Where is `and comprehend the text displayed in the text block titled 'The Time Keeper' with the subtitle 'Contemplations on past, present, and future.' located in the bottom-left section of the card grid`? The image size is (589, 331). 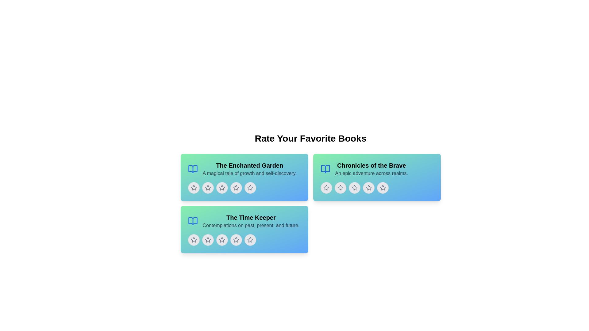 and comprehend the text displayed in the text block titled 'The Time Keeper' with the subtitle 'Contemplations on past, present, and future.' located in the bottom-left section of the card grid is located at coordinates (251, 221).